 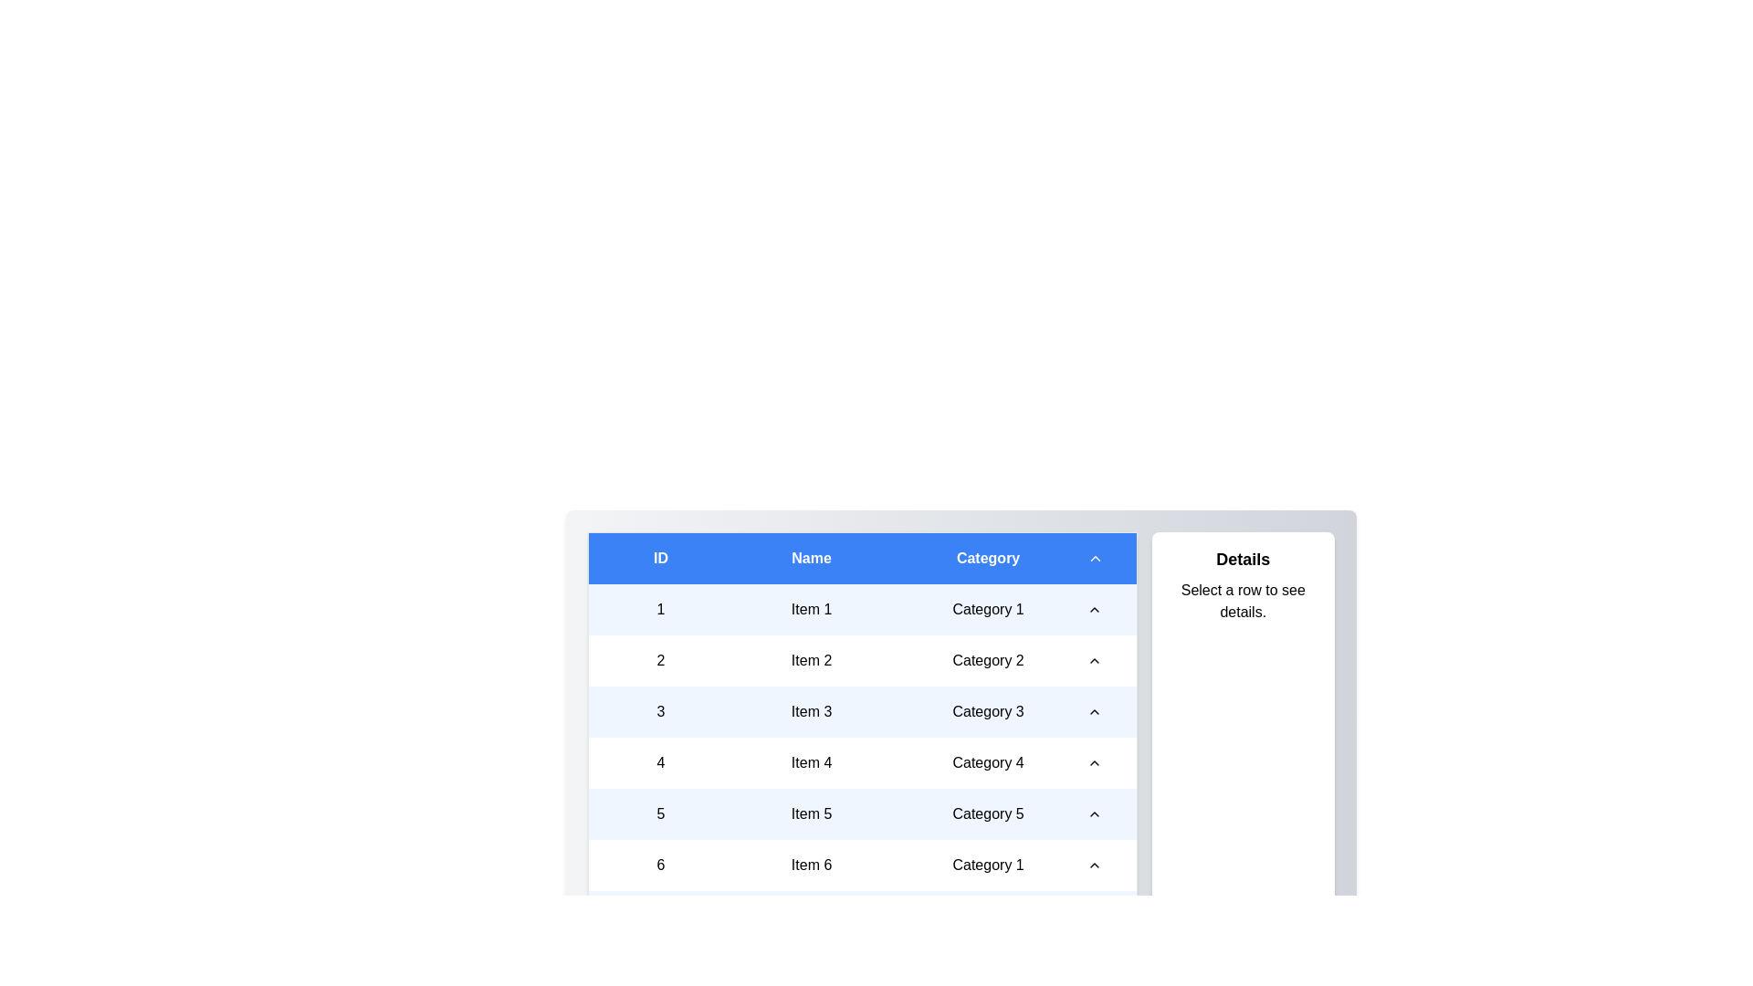 I want to click on the sort icon in the column header to toggle the sort order for the column ID, so click(x=659, y=557).